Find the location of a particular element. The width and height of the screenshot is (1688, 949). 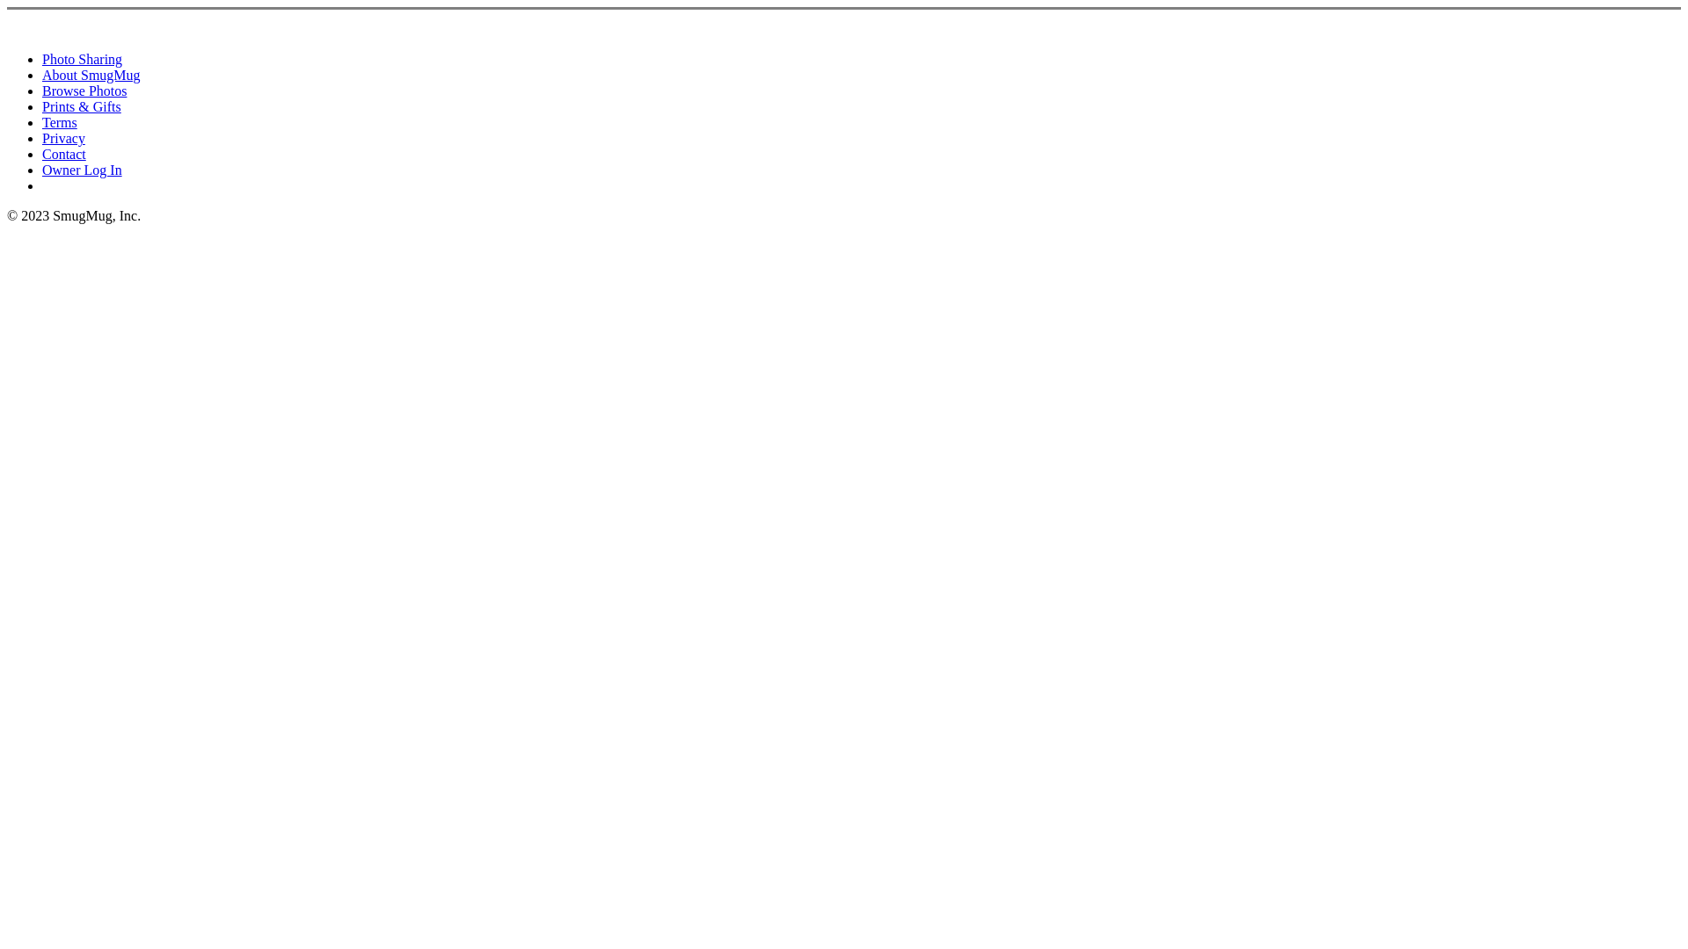

'About SmugMug' is located at coordinates (91, 74).